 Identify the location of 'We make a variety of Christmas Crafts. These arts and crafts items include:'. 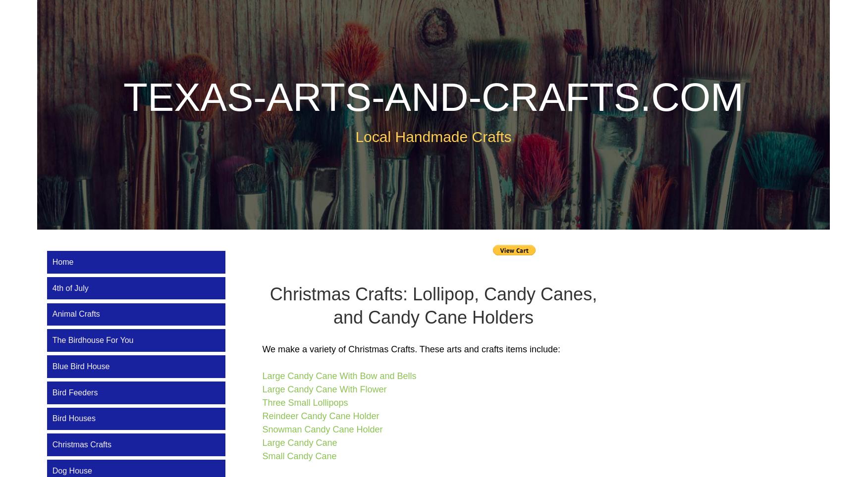
(262, 348).